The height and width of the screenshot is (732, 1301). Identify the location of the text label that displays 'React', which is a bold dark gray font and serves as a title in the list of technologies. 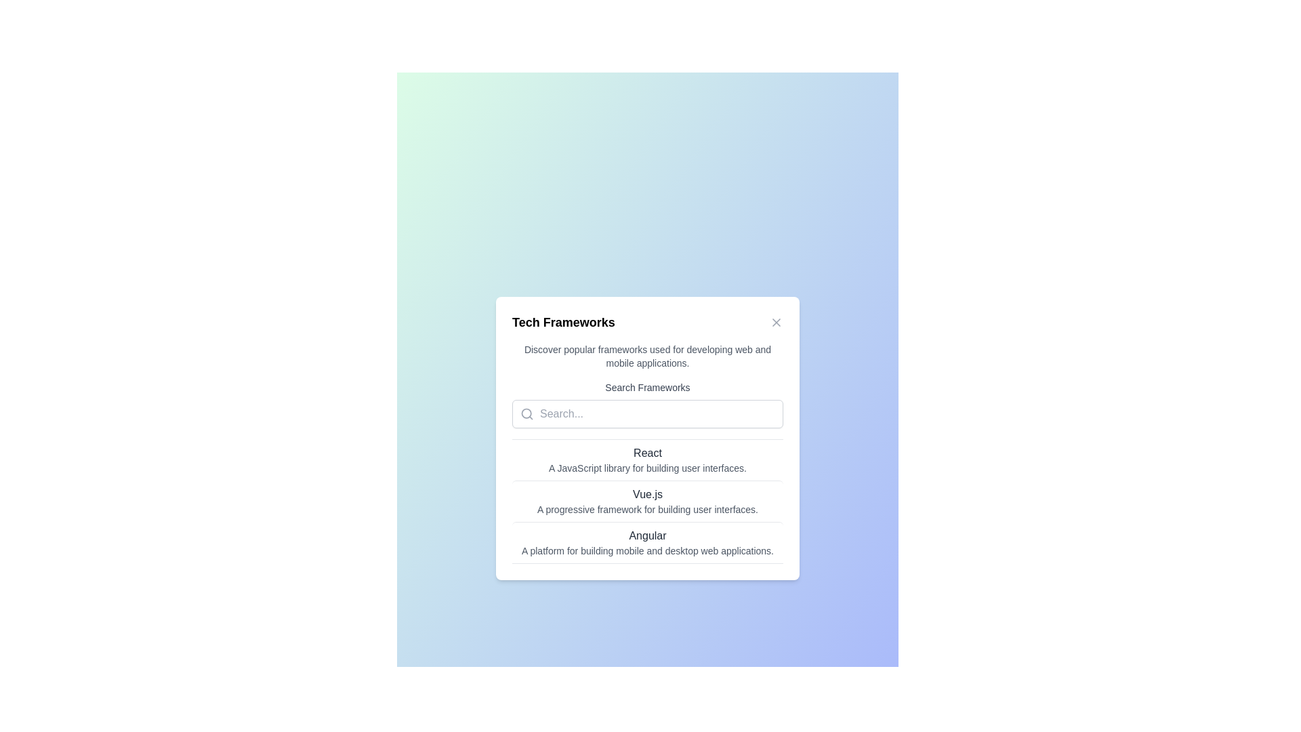
(646, 453).